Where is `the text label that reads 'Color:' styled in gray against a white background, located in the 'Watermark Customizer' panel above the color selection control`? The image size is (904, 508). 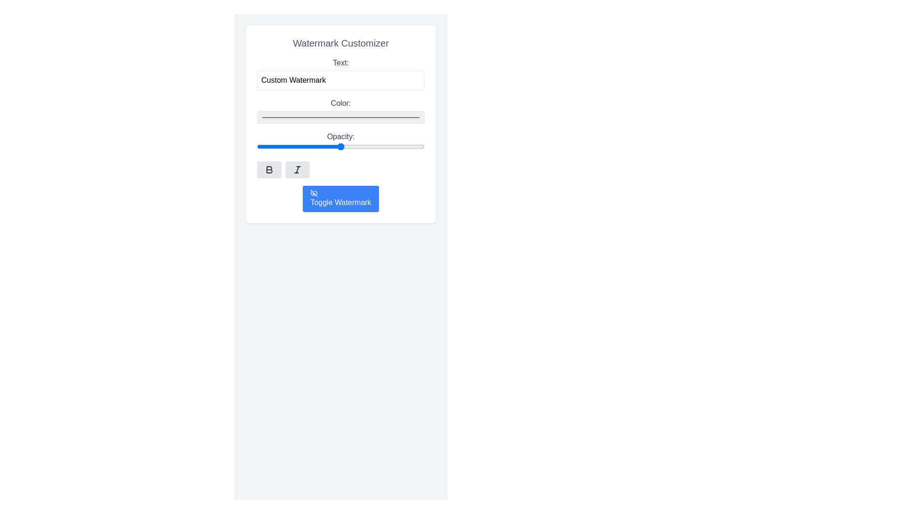 the text label that reads 'Color:' styled in gray against a white background, located in the 'Watermark Customizer' panel above the color selection control is located at coordinates (340, 103).